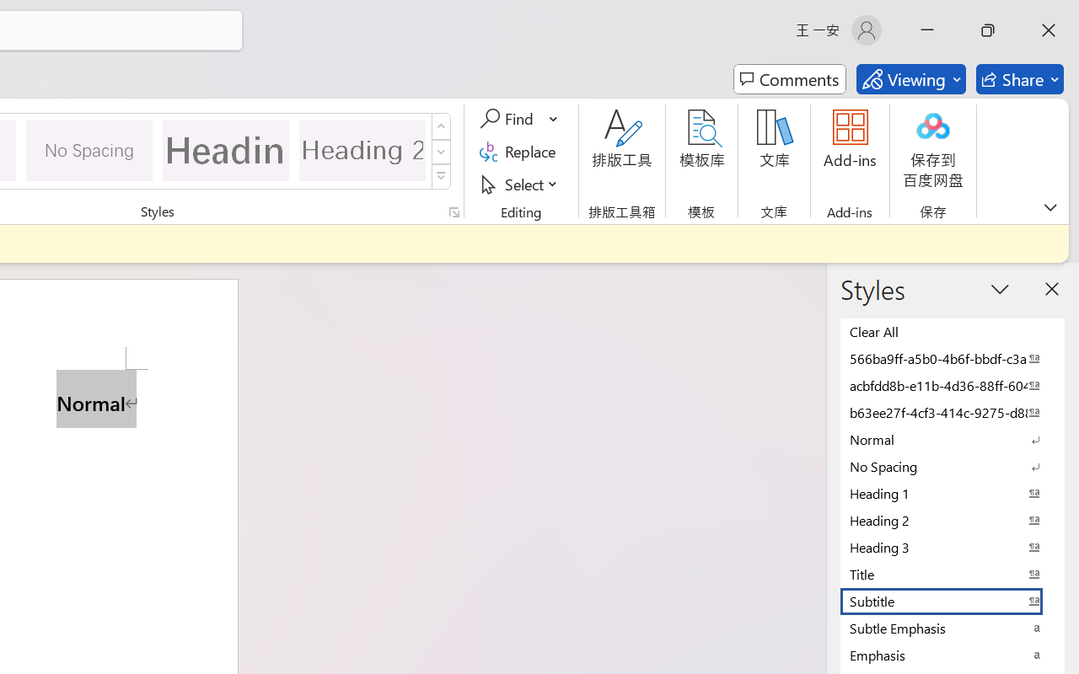  Describe the element at coordinates (441, 126) in the screenshot. I see `'Row up'` at that location.